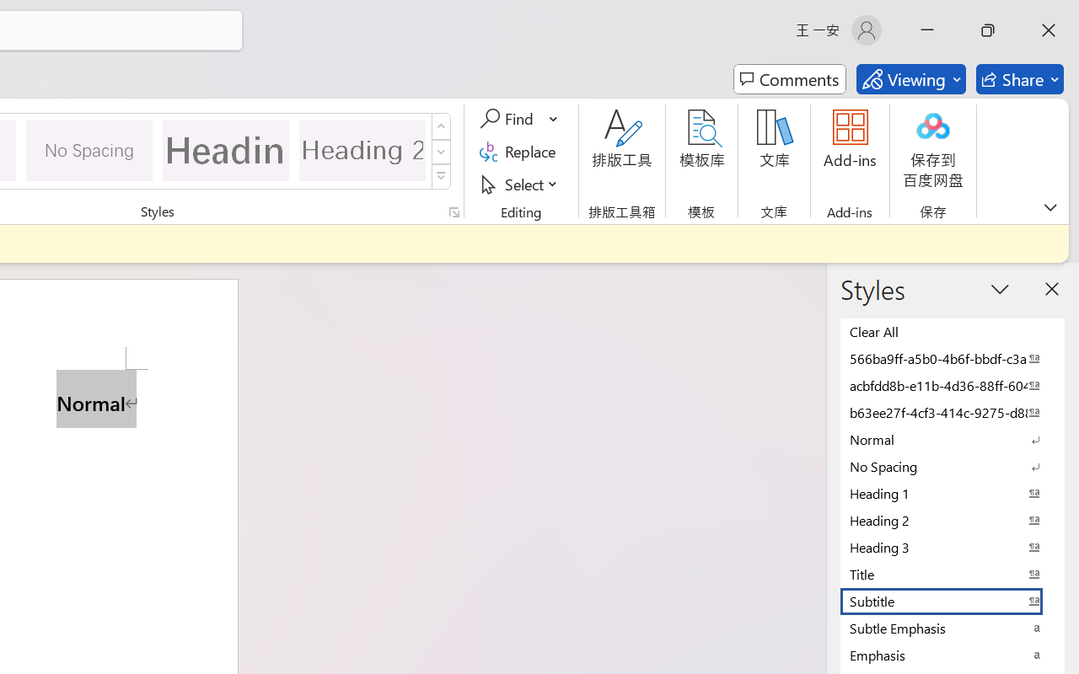  Describe the element at coordinates (441, 126) in the screenshot. I see `'Row up'` at that location.